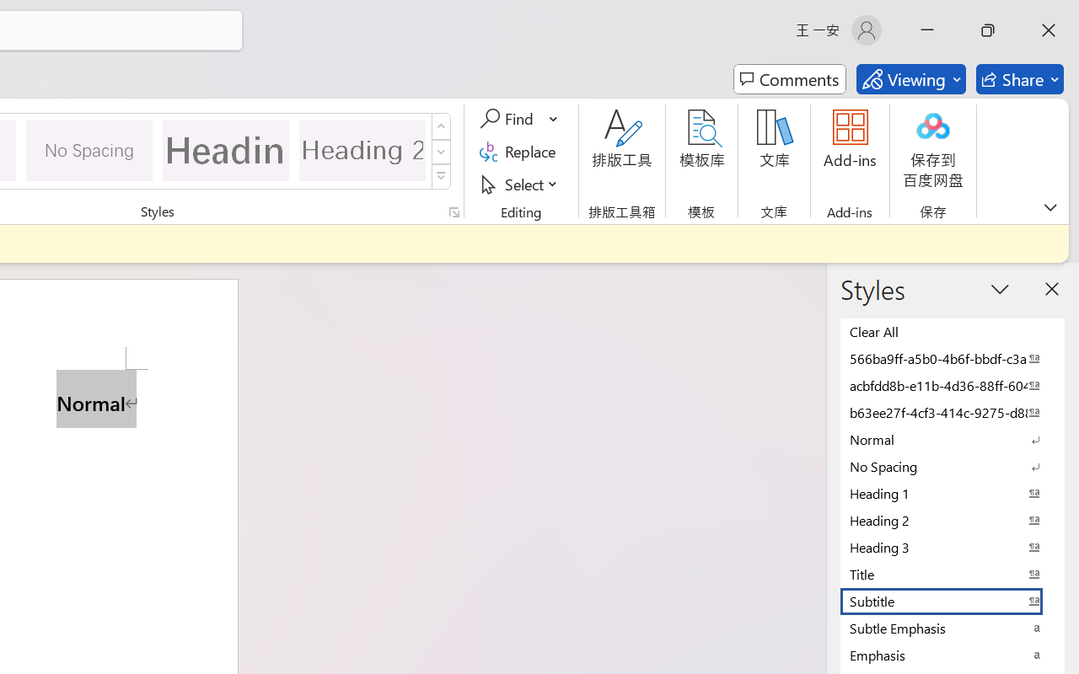  Describe the element at coordinates (441, 126) in the screenshot. I see `'Row up'` at that location.